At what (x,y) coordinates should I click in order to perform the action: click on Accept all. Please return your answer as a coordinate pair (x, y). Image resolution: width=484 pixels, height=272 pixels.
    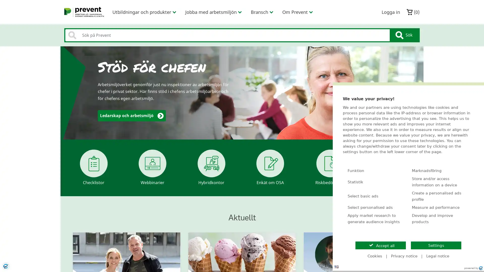
    Looking at the image, I should click on (381, 245).